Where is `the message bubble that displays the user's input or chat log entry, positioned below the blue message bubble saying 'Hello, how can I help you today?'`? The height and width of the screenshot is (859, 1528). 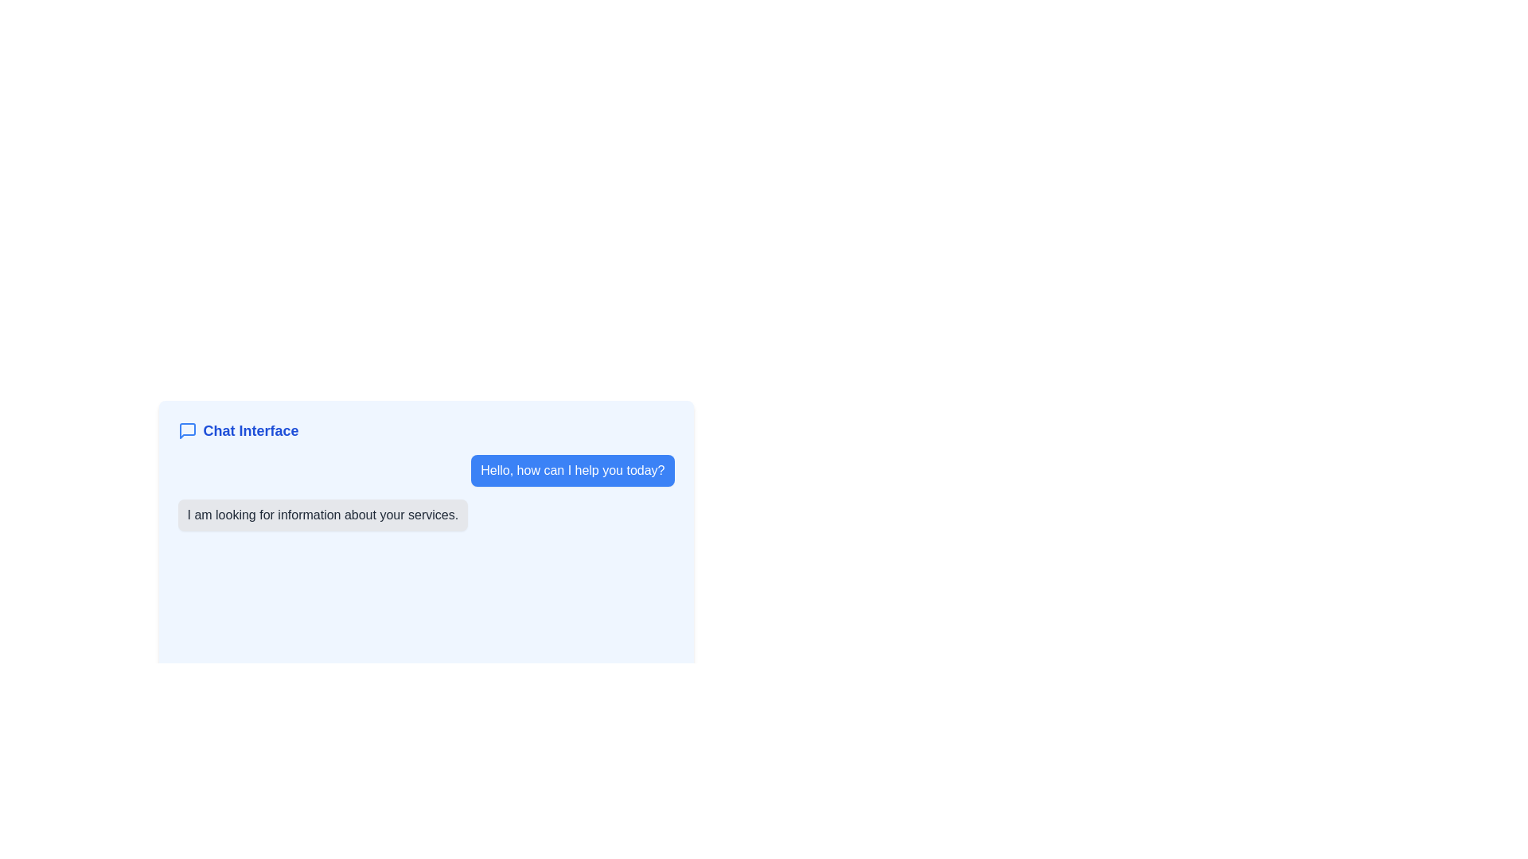
the message bubble that displays the user's input or chat log entry, positioned below the blue message bubble saying 'Hello, how can I help you today?' is located at coordinates (426, 522).